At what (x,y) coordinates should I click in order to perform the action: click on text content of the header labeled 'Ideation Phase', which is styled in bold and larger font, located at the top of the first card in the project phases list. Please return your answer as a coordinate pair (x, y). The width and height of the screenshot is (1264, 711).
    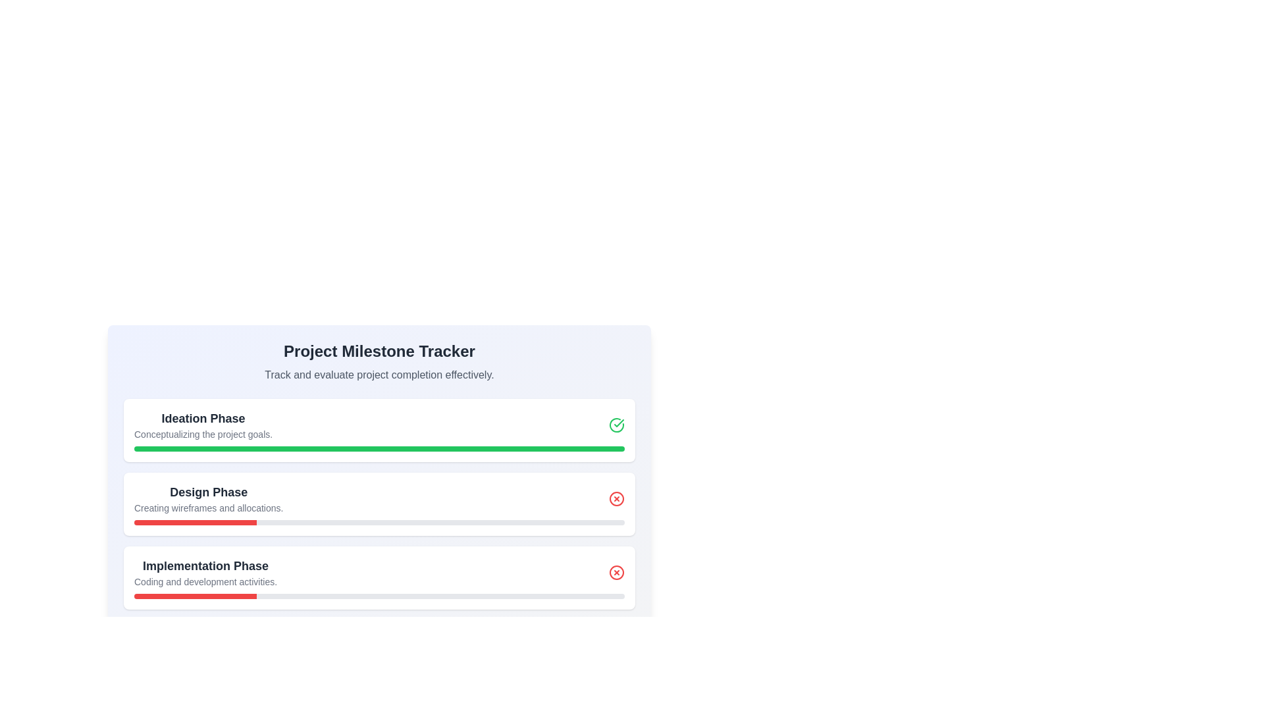
    Looking at the image, I should click on (203, 419).